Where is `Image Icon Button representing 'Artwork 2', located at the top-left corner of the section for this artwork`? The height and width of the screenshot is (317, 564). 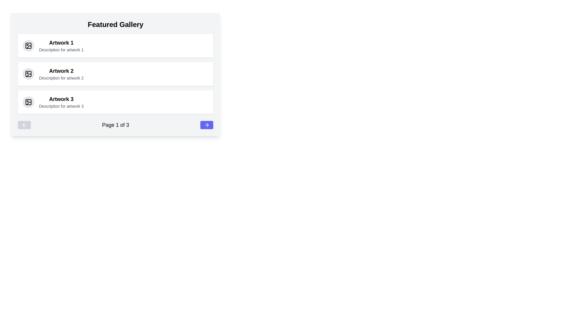 Image Icon Button representing 'Artwork 2', located at the top-left corner of the section for this artwork is located at coordinates (28, 73).